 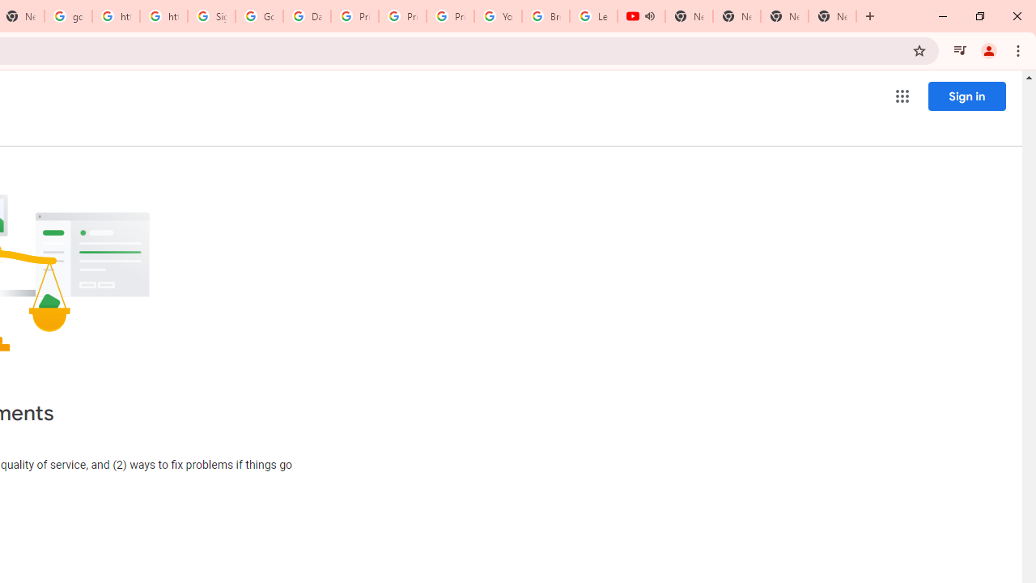 What do you see at coordinates (210, 16) in the screenshot?
I see `'Sign in - Google Accounts'` at bounding box center [210, 16].